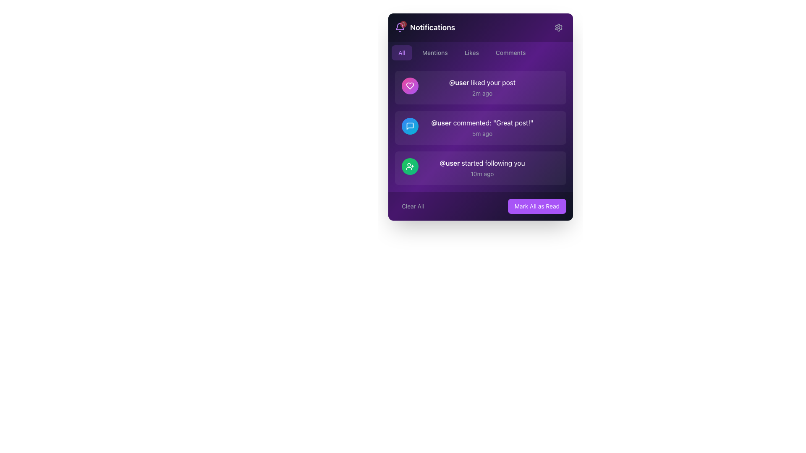 This screenshot has height=453, width=806. I want to click on the 'All' button, which is a rectangular button with rounded corners, containing the text 'All' in purple font, located at the top of the dark purple notification panel, so click(401, 53).